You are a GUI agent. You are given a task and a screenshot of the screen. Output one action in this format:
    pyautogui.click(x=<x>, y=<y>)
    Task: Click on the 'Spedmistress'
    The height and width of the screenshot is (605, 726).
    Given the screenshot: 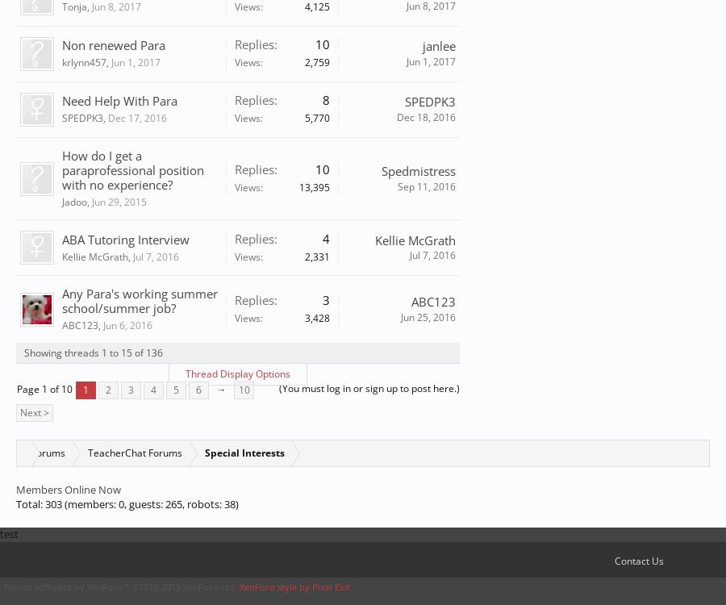 What is the action you would take?
    pyautogui.click(x=418, y=170)
    